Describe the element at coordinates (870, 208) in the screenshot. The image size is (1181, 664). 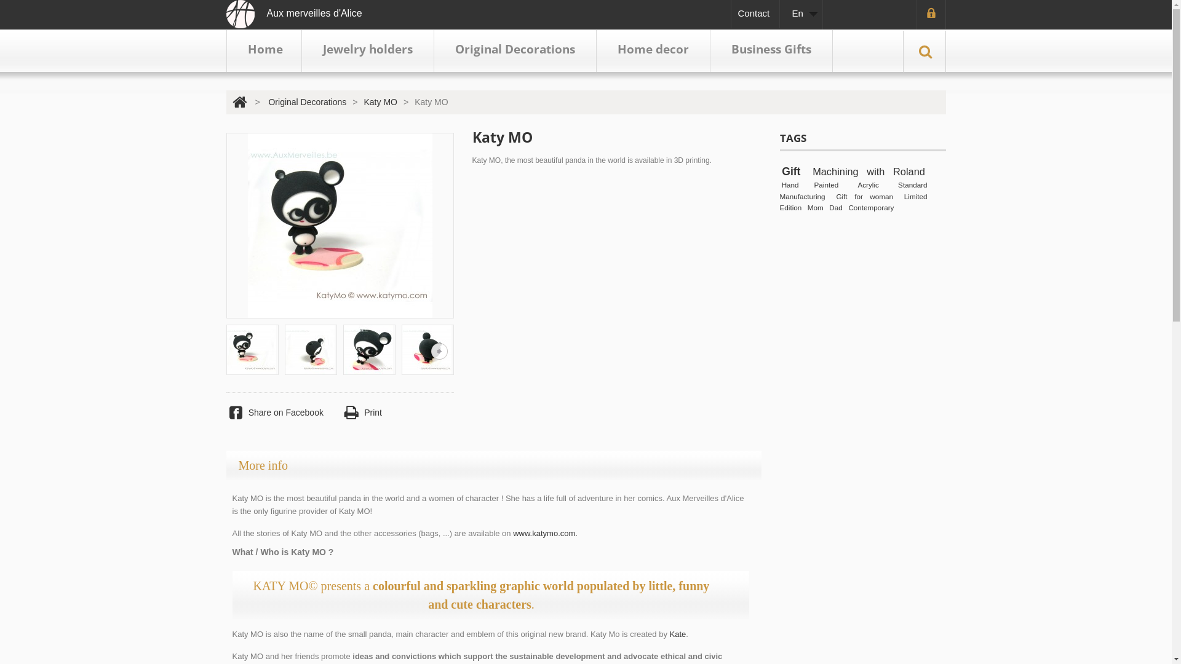
I see `'Contemporary'` at that location.